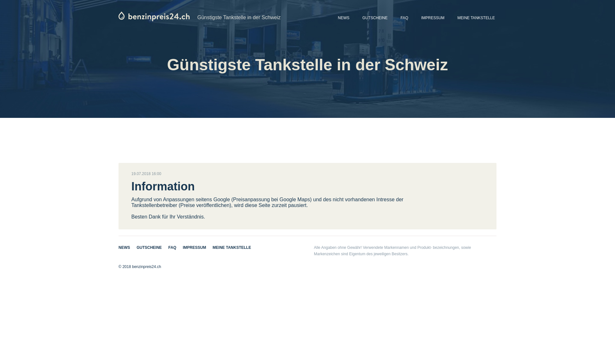 The height and width of the screenshot is (345, 615). I want to click on 'MEINE TANKSTELLE', so click(232, 247).